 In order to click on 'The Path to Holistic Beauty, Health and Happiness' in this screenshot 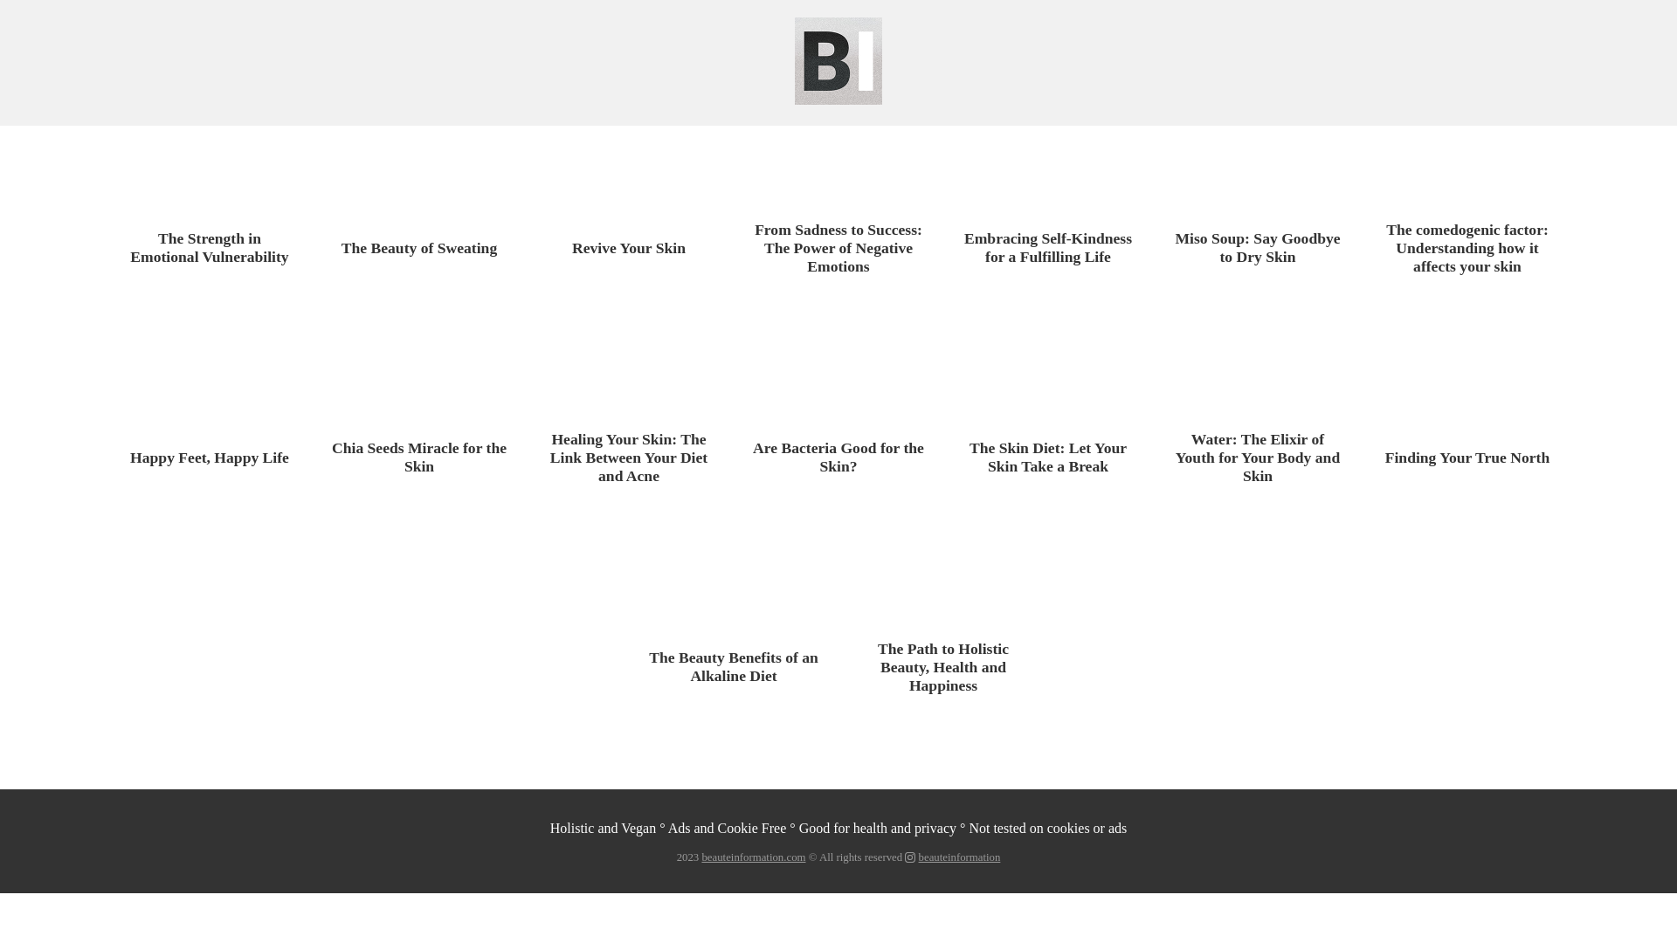, I will do `click(942, 666)`.